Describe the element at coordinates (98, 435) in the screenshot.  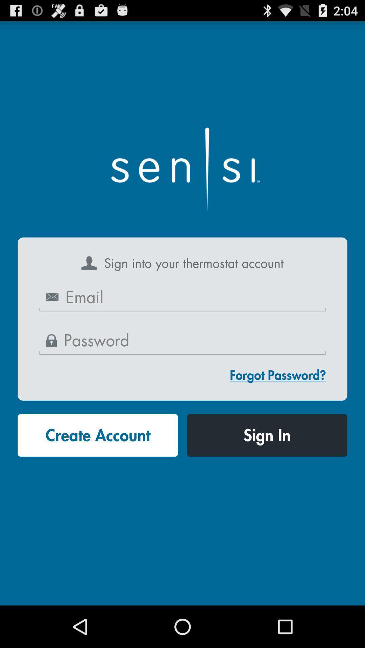
I see `button next to sign in icon` at that location.